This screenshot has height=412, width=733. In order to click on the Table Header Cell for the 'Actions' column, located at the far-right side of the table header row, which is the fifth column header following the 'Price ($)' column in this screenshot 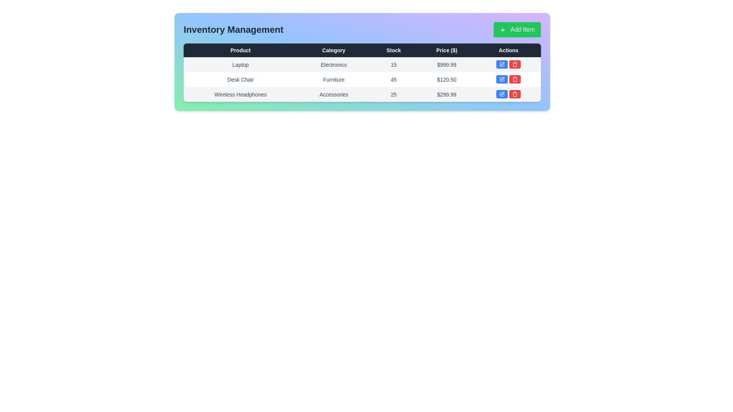, I will do `click(509, 50)`.